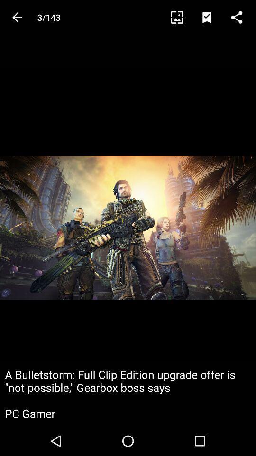 Image resolution: width=256 pixels, height=456 pixels. What do you see at coordinates (17, 17) in the screenshot?
I see `the item to the left of 3/143` at bounding box center [17, 17].